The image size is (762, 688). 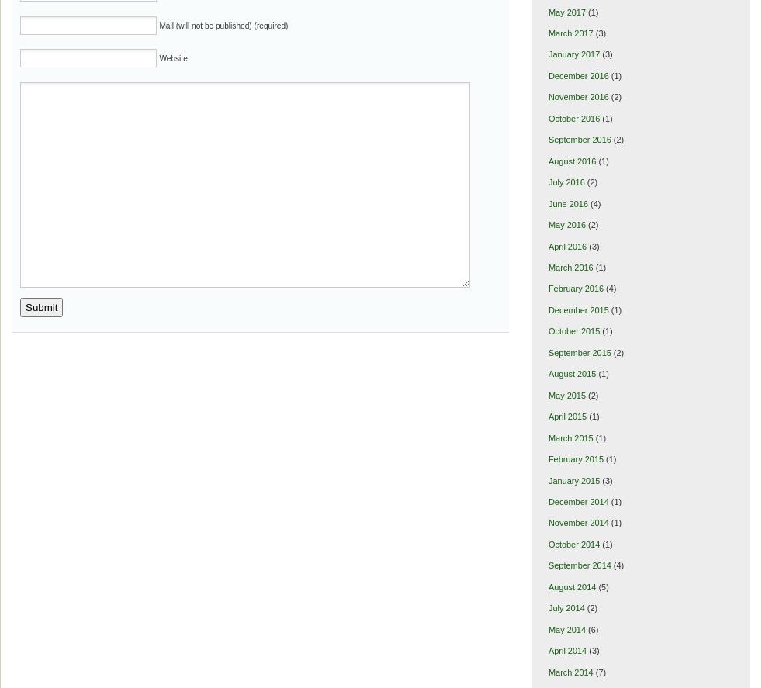 I want to click on 'August 2014', so click(x=570, y=585).